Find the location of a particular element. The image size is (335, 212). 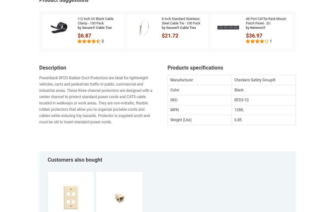

'48 Port CAT5e Rack Mount Patch Panel - 2U' is located at coordinates (245, 21).